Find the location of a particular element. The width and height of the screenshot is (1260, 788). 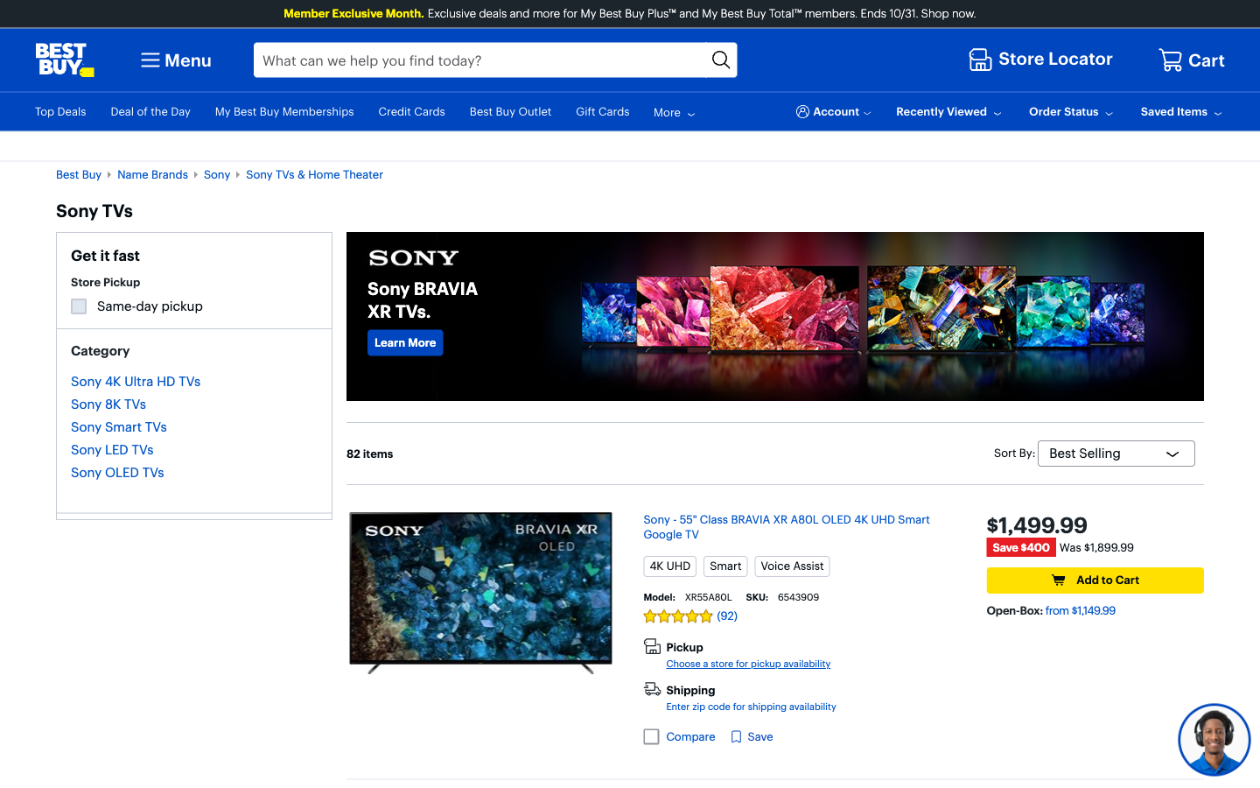

Activate the first entry in the recently viewed dropdown list is located at coordinates (949, 111).